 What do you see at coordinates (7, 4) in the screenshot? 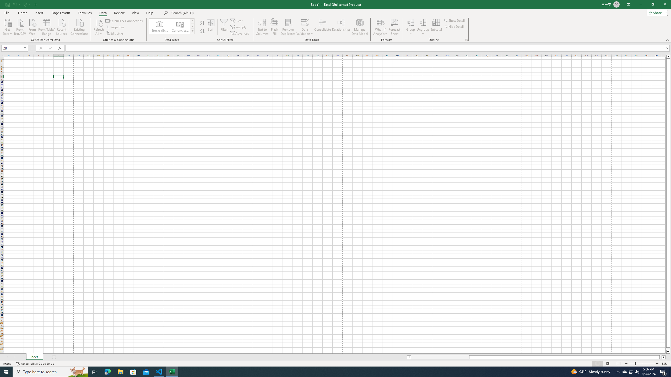
I see `'Save'` at bounding box center [7, 4].